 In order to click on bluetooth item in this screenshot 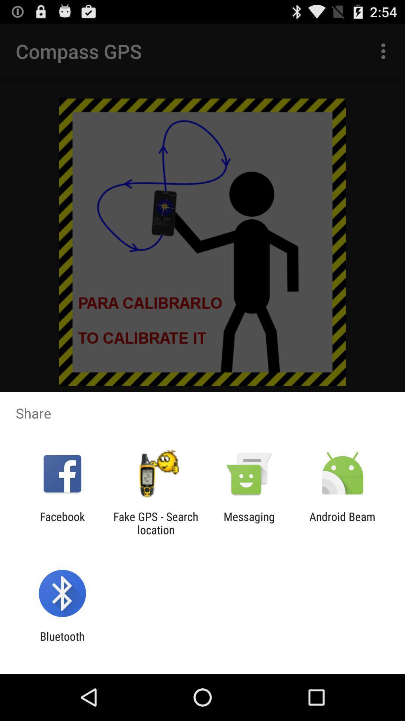, I will do `click(62, 643)`.